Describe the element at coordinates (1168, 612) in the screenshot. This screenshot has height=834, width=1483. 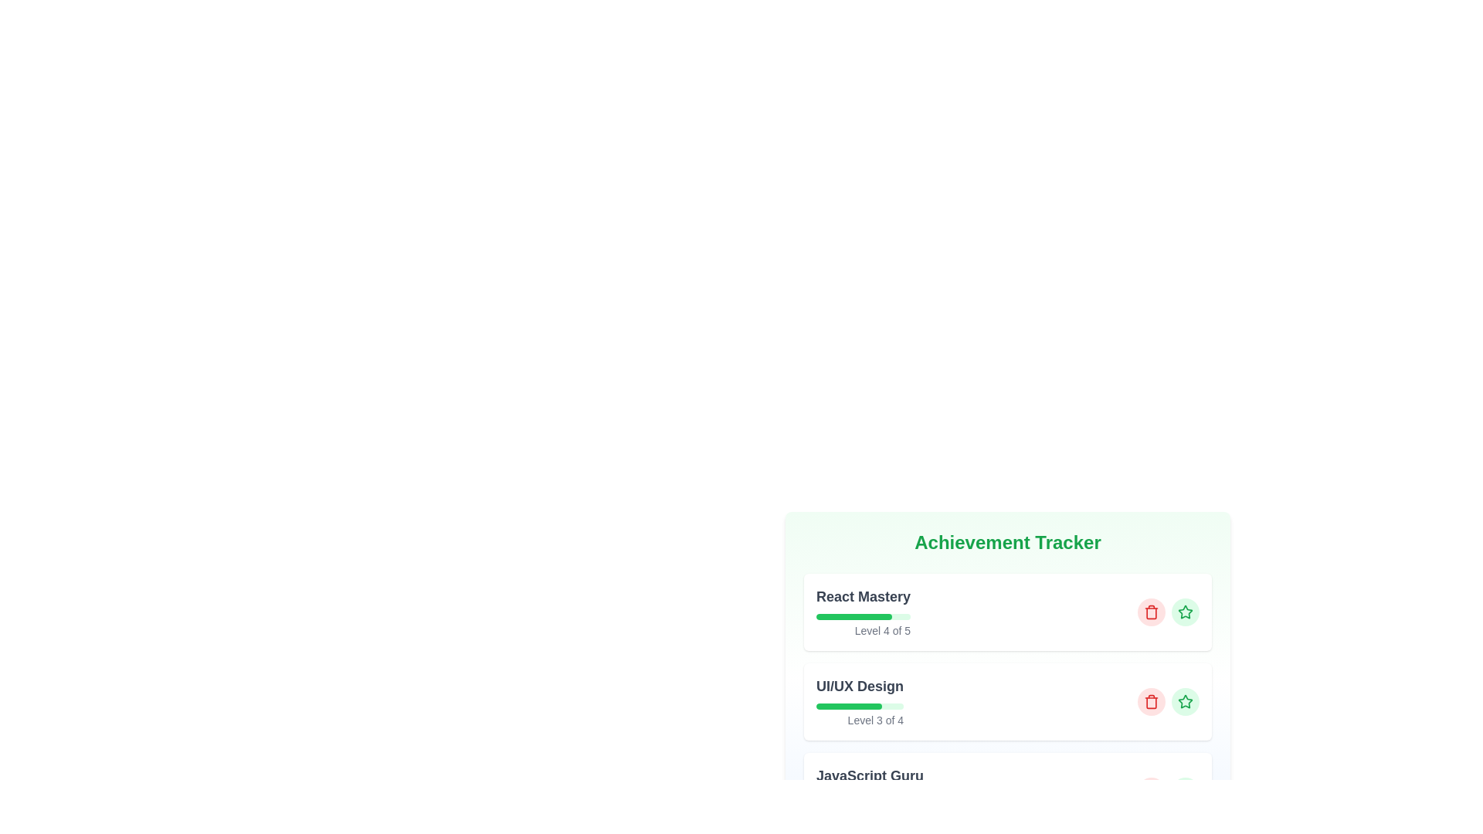
I see `the interactive buttons group associated with the 'React Mastery' item, which includes functionalities like deleting and setting as a favorite` at that location.